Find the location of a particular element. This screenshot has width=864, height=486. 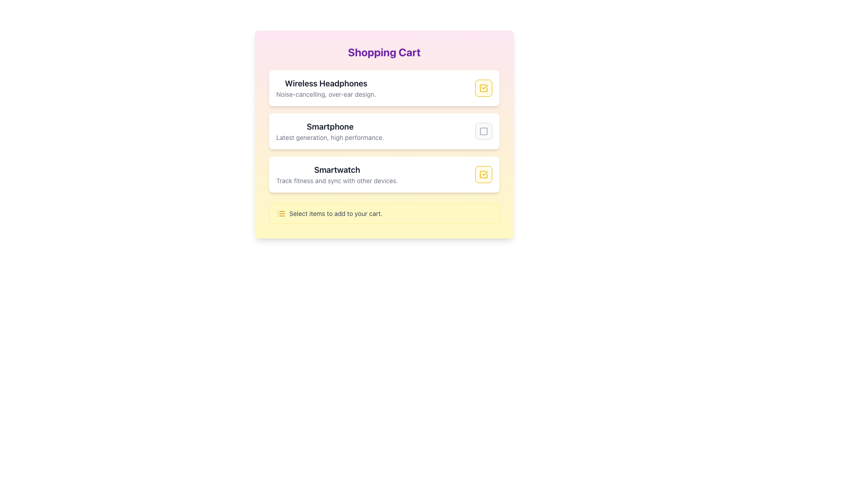

the yellow list icon located to the left of the text 'Select items to add to your cart.' is located at coordinates (280, 213).